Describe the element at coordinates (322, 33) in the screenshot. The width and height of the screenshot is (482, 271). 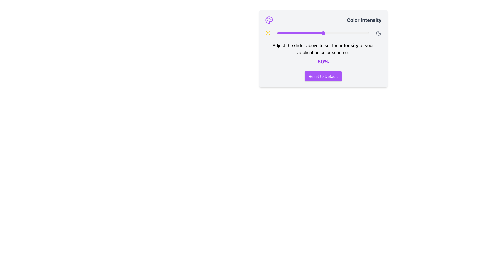
I see `the color intensity slider` at that location.